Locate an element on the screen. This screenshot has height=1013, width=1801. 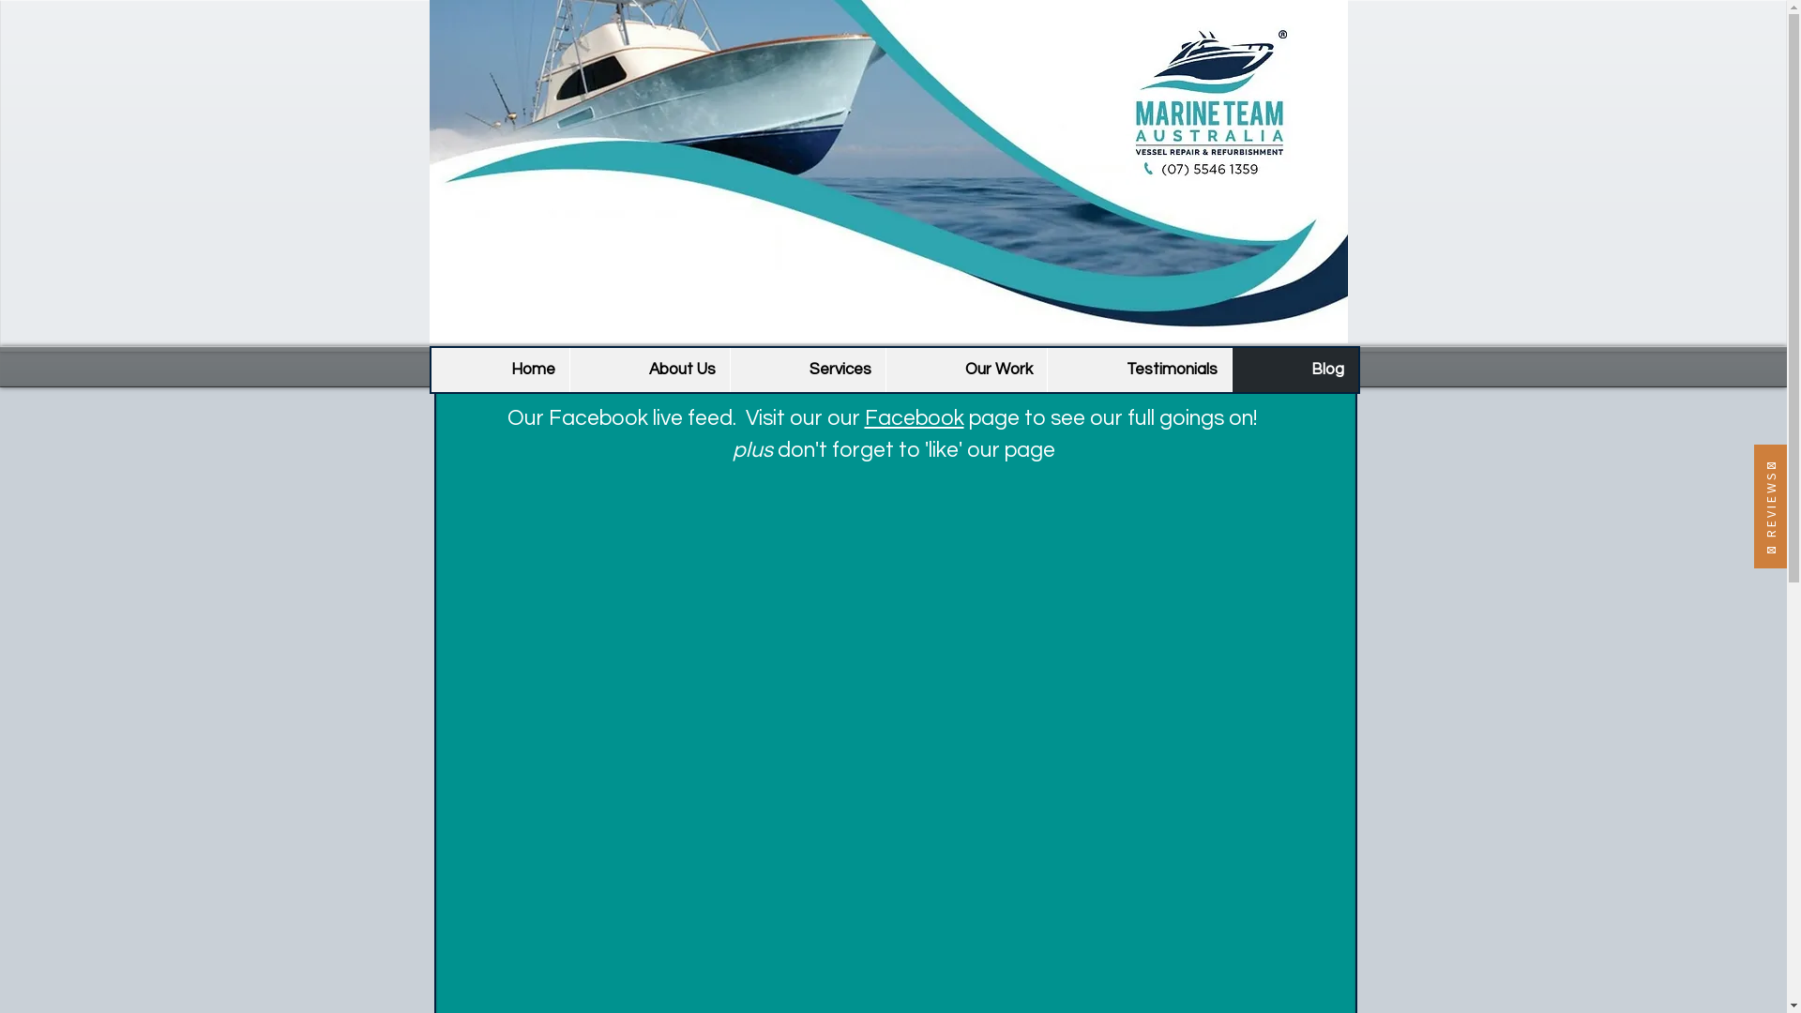
'Blog' is located at coordinates (1293, 370).